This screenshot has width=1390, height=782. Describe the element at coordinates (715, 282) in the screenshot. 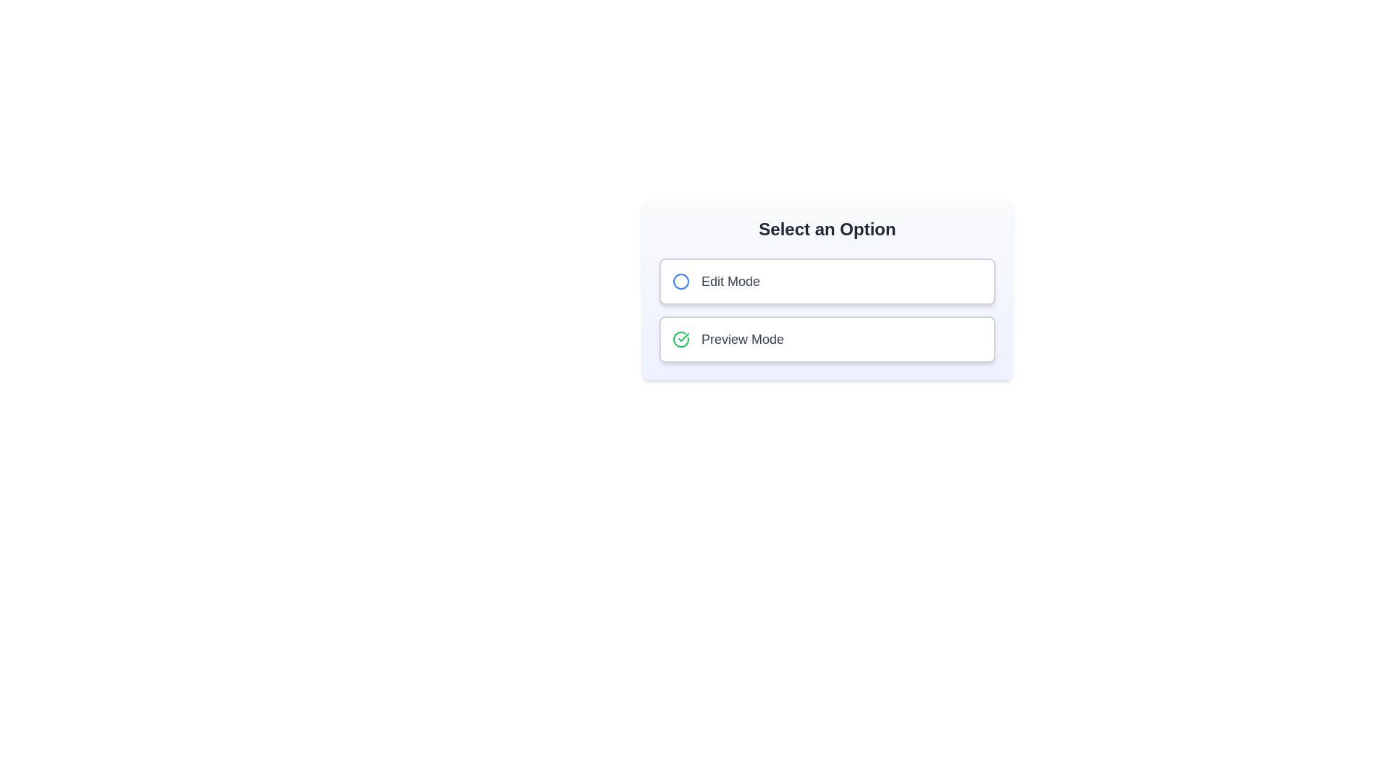

I see `the first option in the vertically stacked list that serves as the 'Edit Mode' selector` at that location.